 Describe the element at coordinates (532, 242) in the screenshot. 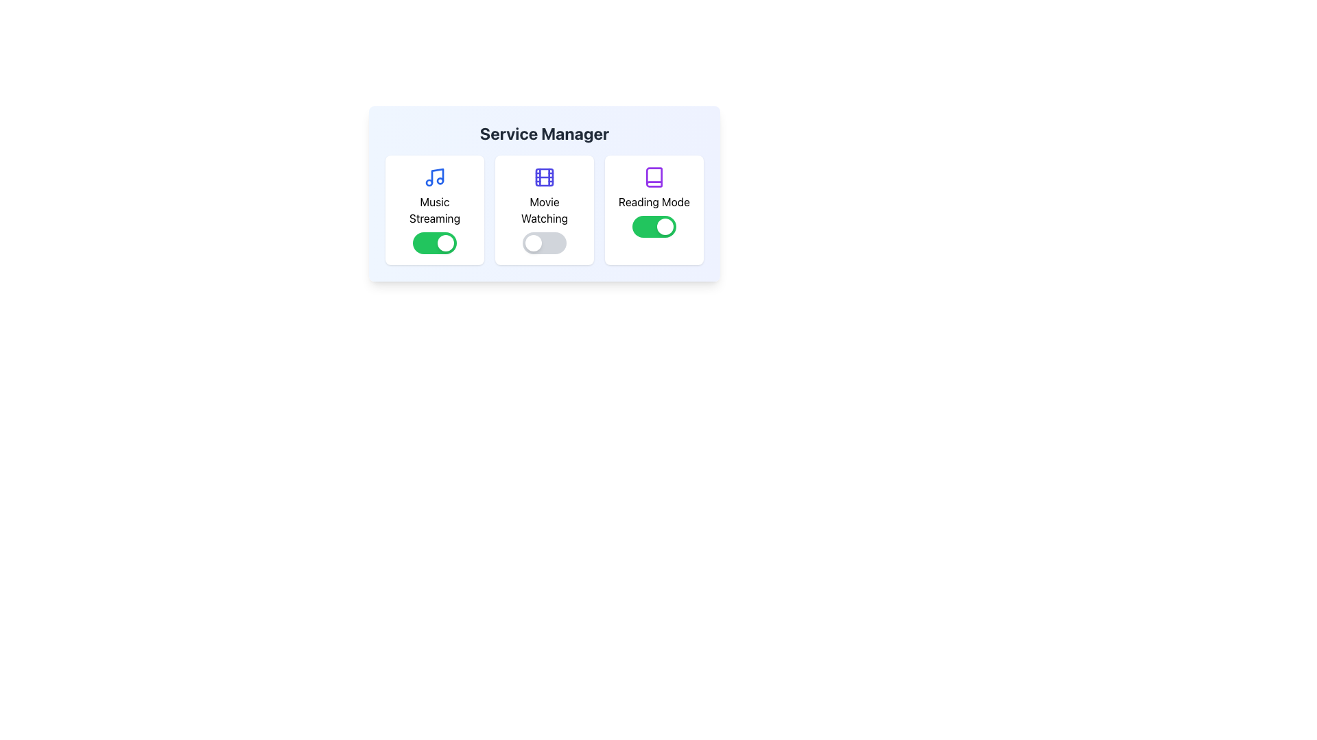

I see `the circular toggle switch handle, which is white and located on the left side of the toggle switch` at that location.